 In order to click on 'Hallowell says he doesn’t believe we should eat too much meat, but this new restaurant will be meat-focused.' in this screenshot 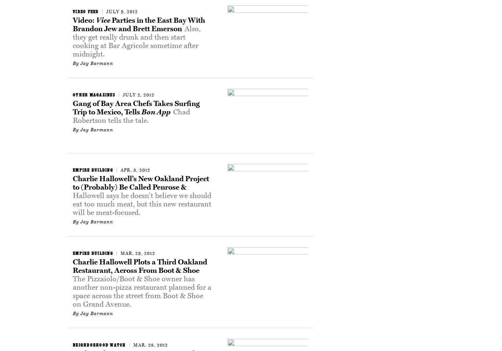, I will do `click(72, 204)`.